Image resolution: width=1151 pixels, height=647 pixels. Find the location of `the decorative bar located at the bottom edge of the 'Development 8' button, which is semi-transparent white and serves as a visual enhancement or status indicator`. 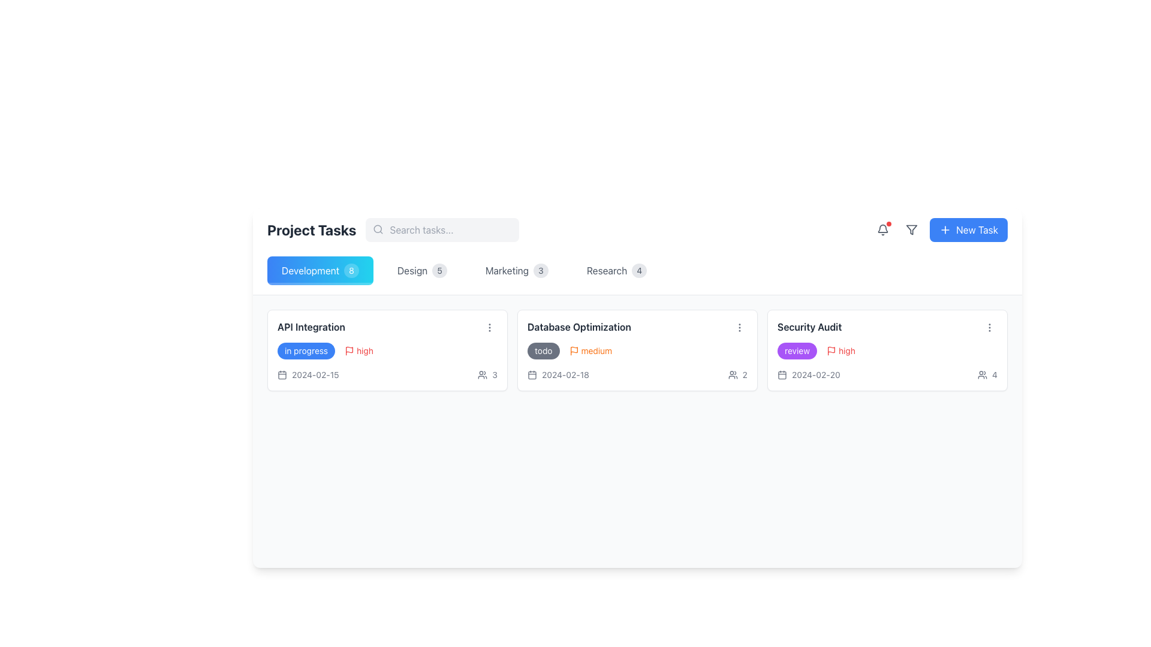

the decorative bar located at the bottom edge of the 'Development 8' button, which is semi-transparent white and serves as a visual enhancement or status indicator is located at coordinates (320, 284).